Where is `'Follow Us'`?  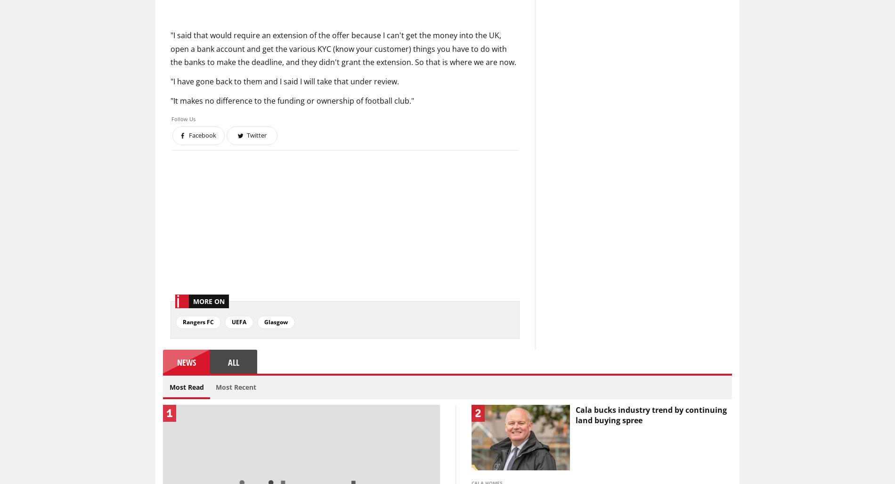
'Follow Us' is located at coordinates (183, 118).